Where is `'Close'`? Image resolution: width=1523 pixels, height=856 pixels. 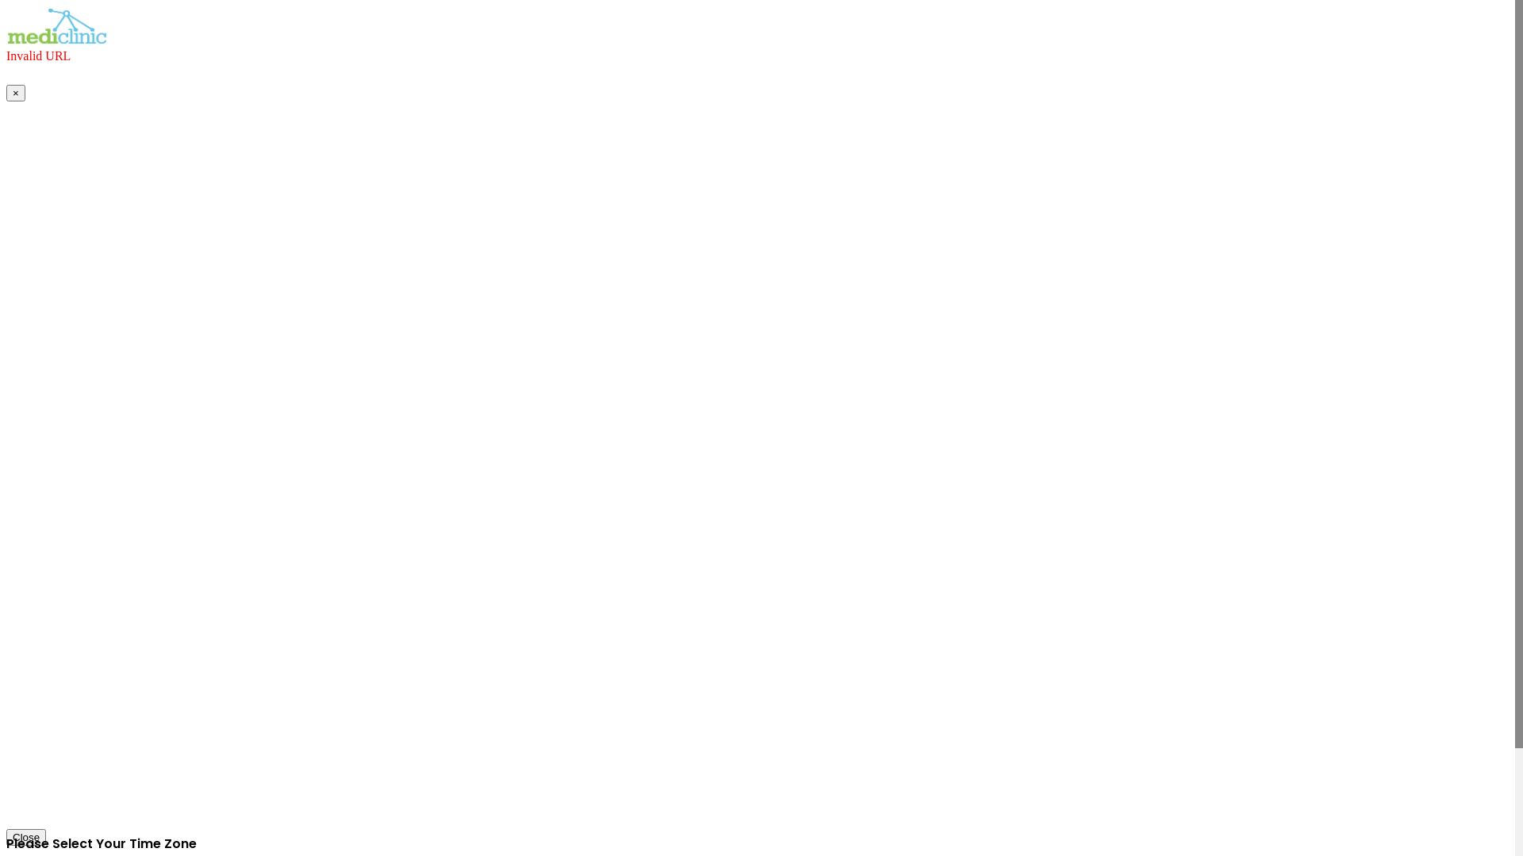 'Close' is located at coordinates (26, 836).